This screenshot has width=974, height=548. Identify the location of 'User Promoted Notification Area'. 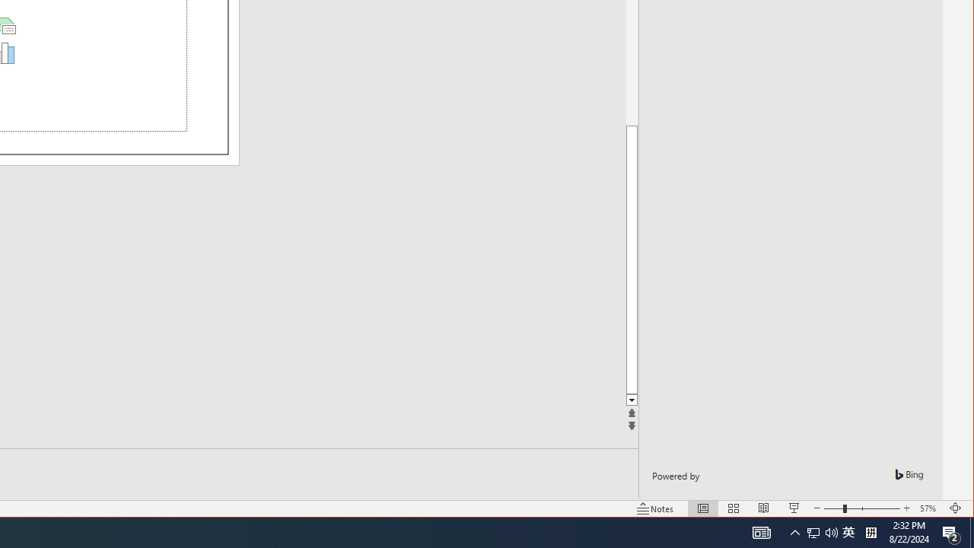
(848, 531).